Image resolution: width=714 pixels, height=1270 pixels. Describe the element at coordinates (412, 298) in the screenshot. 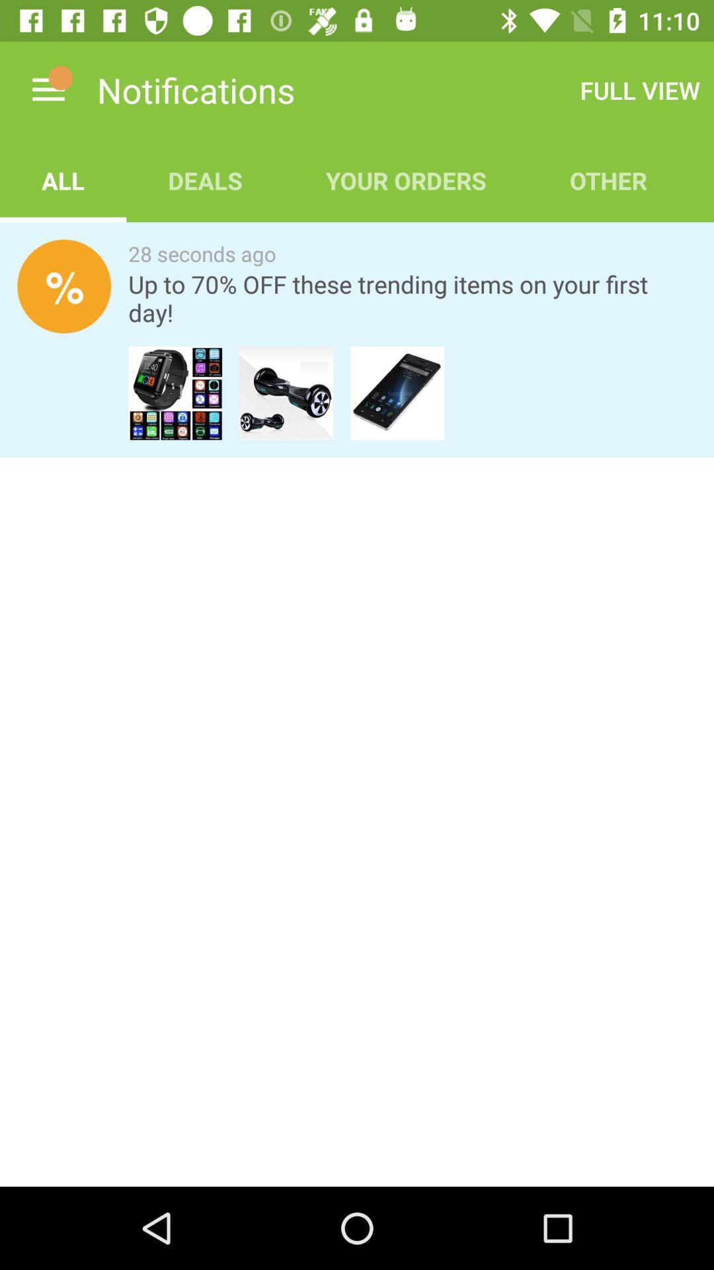

I see `the up to 70` at that location.